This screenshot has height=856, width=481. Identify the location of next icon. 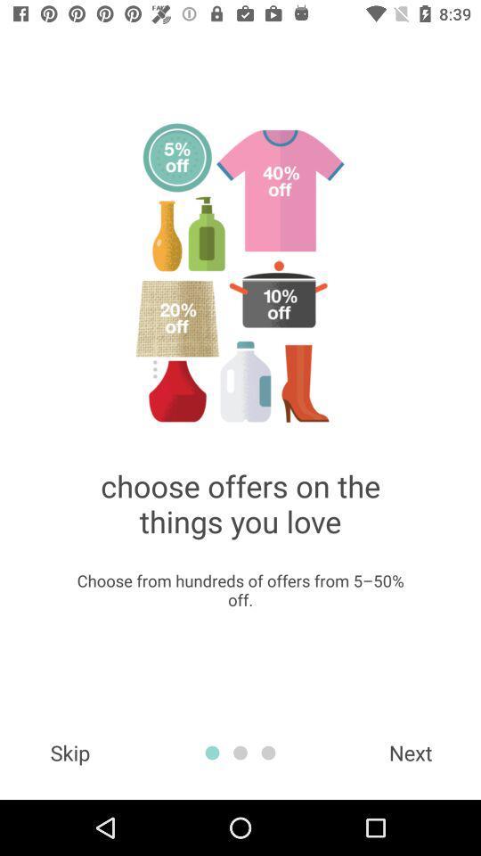
(411, 752).